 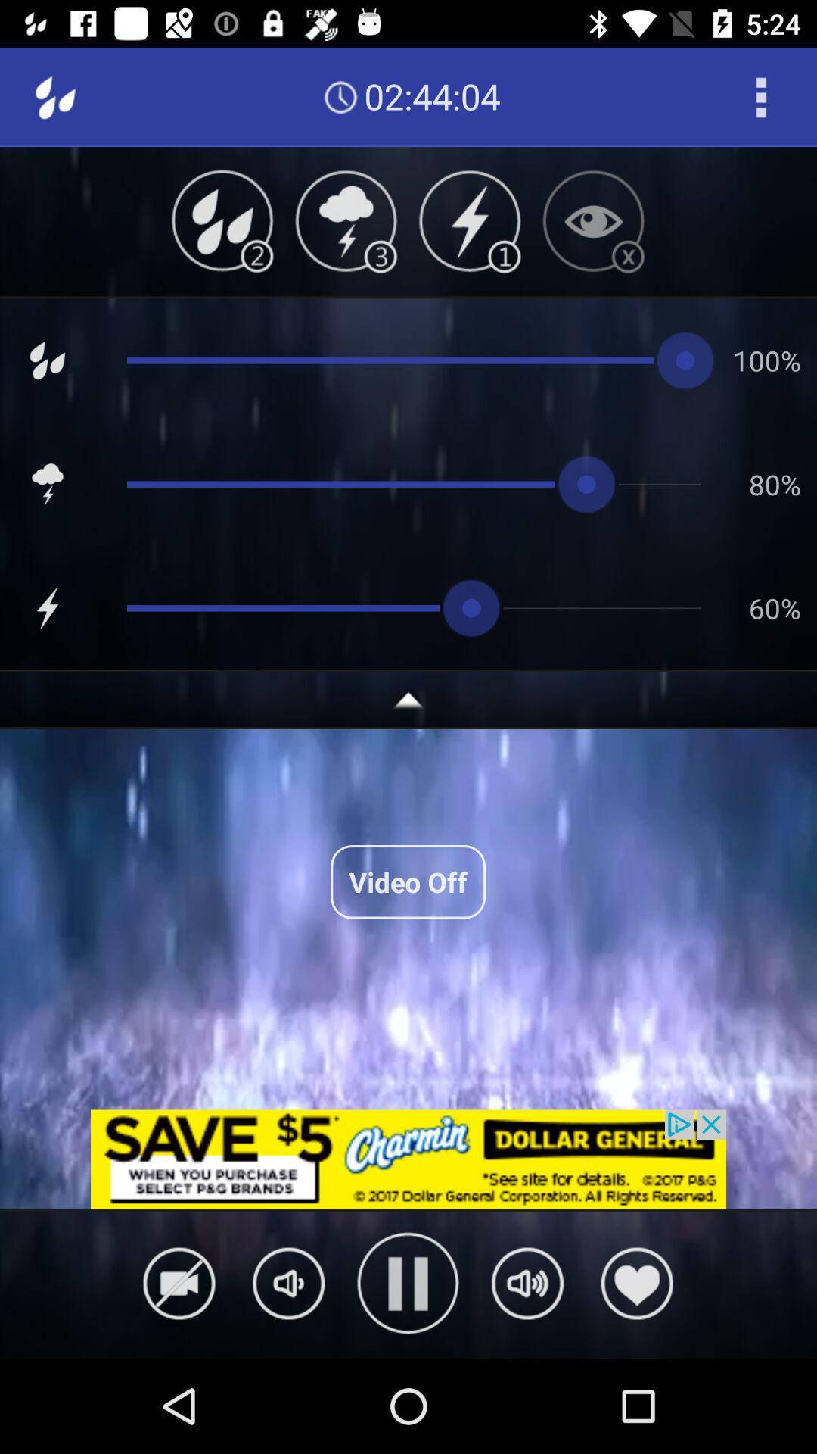 What do you see at coordinates (761, 96) in the screenshot?
I see `the more icon` at bounding box center [761, 96].